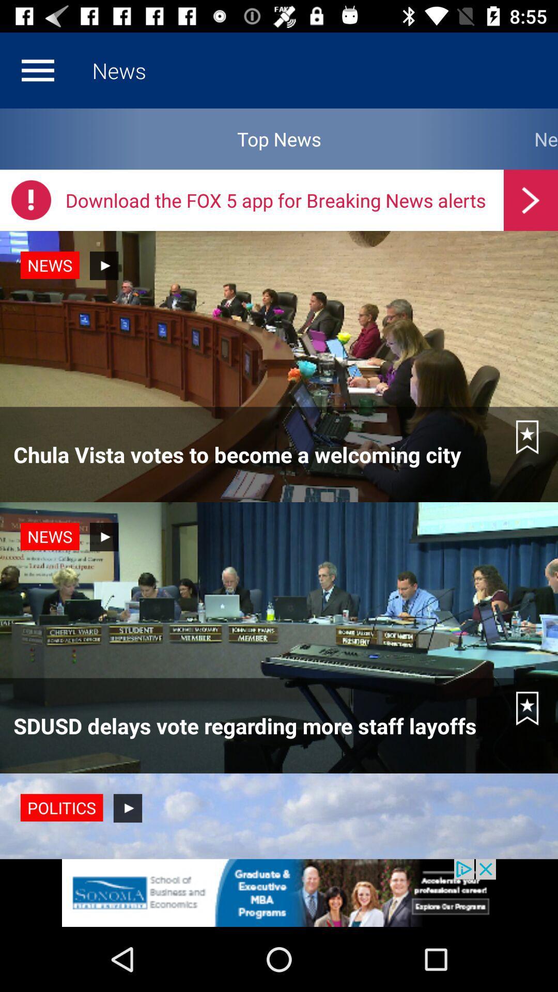 The height and width of the screenshot is (992, 558). What do you see at coordinates (37, 70) in the screenshot?
I see `menu` at bounding box center [37, 70].